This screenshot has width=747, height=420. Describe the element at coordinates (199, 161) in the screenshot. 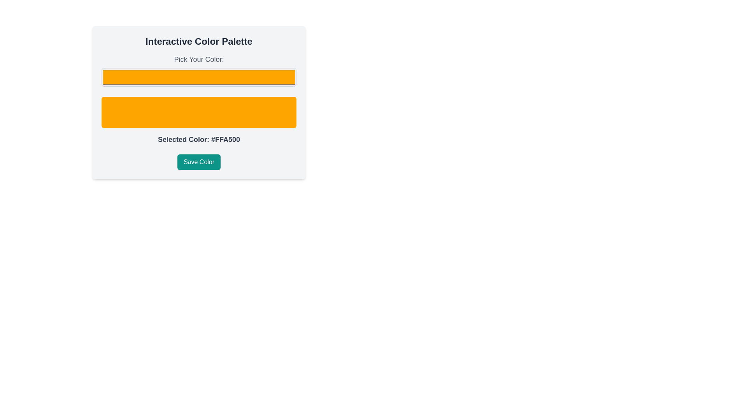

I see `the button that saves the selected color, located below the text 'Selected Color: #FFA500' and centered horizontally` at that location.